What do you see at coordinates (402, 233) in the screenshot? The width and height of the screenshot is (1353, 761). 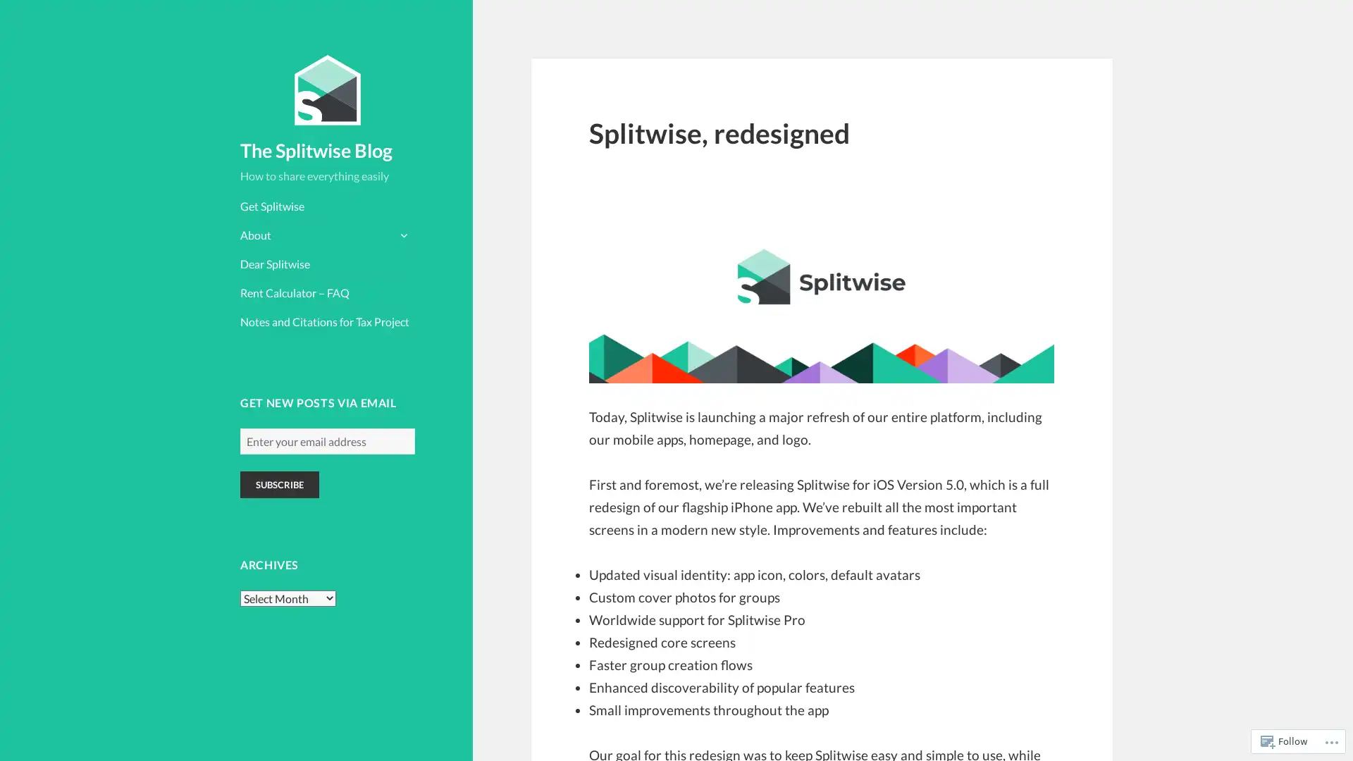 I see `expand child menu` at bounding box center [402, 233].